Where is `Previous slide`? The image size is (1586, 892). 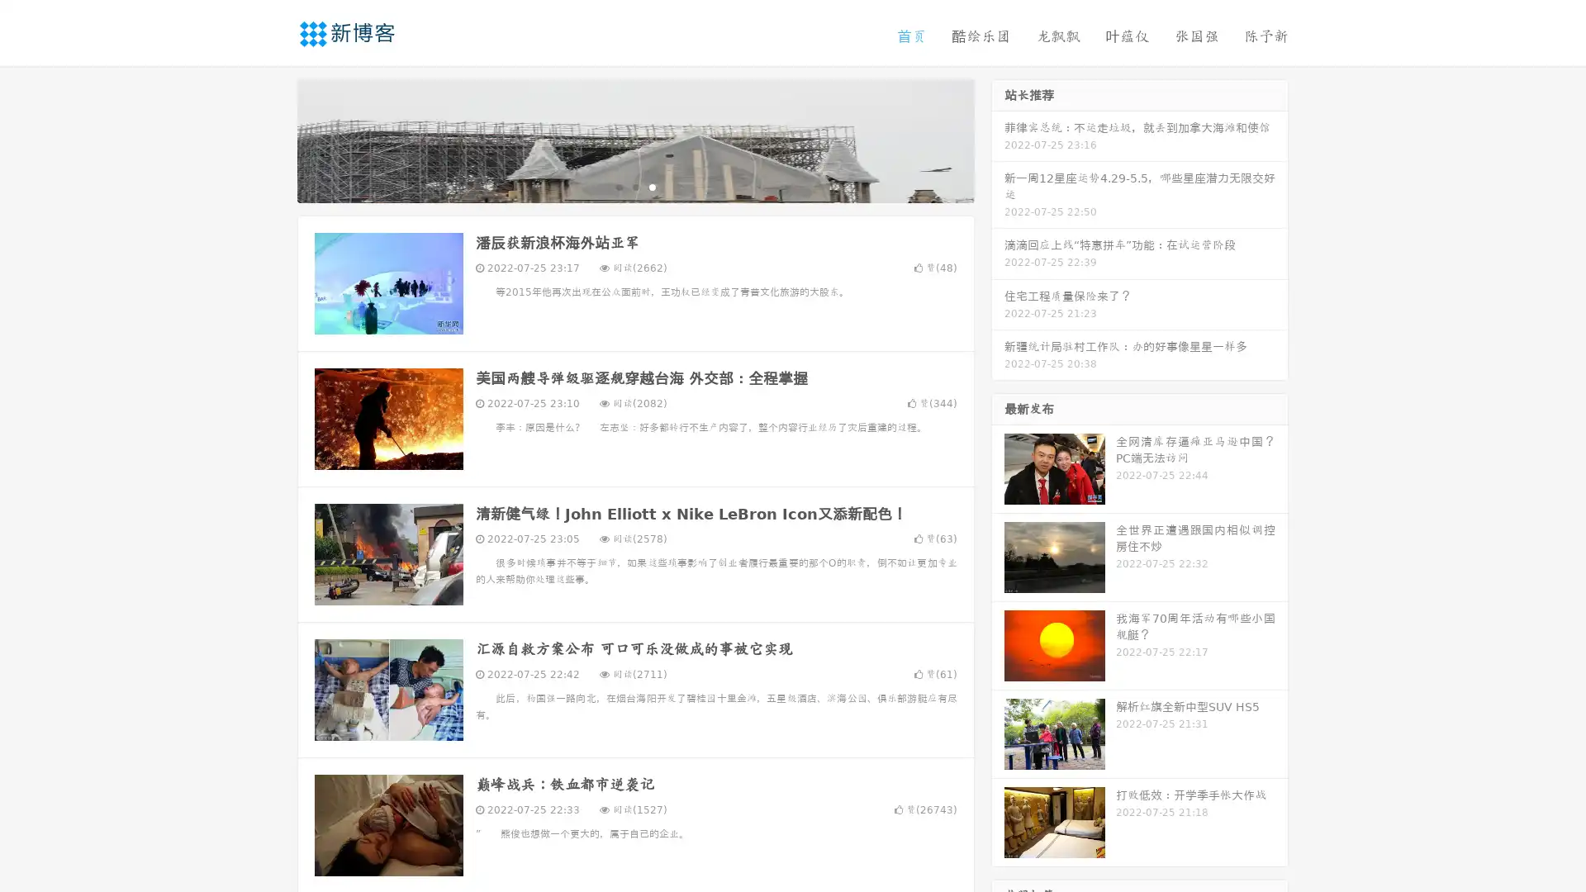
Previous slide is located at coordinates (273, 139).